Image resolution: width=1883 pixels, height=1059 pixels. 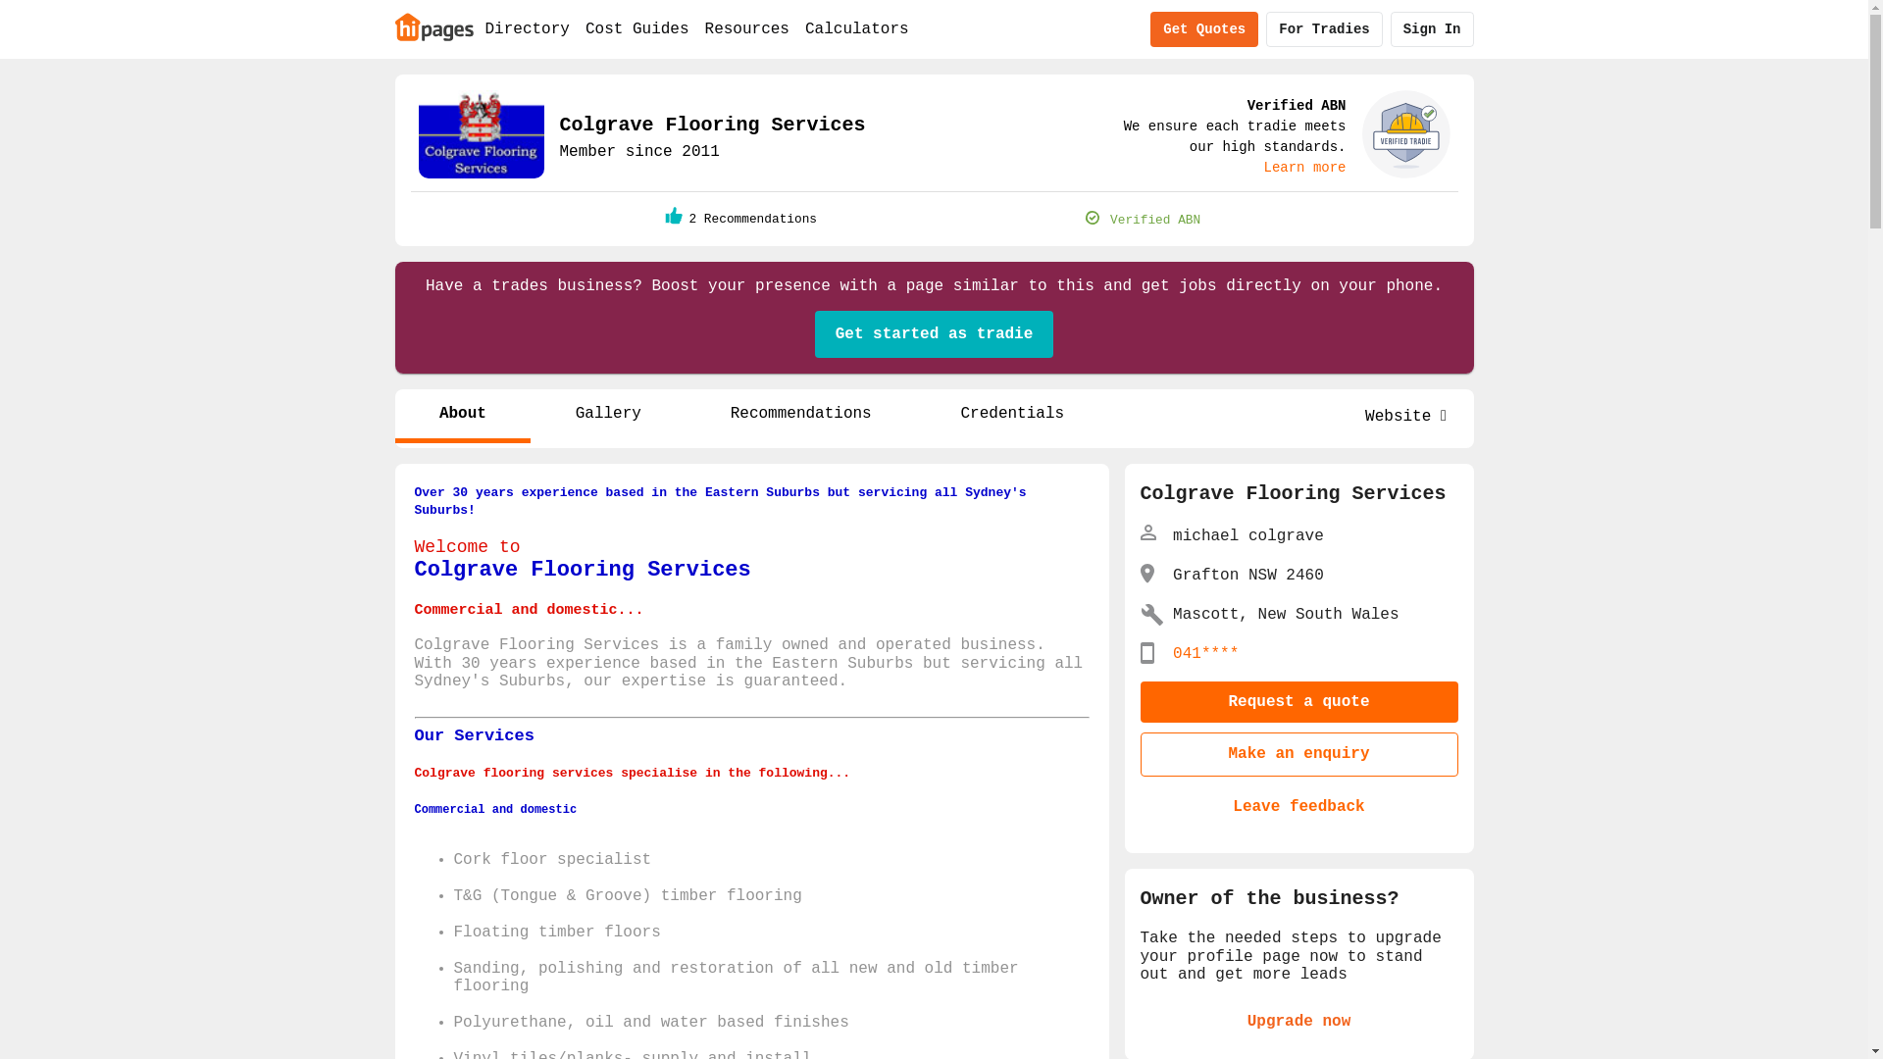 I want to click on 'Gallery', so click(x=606, y=415).